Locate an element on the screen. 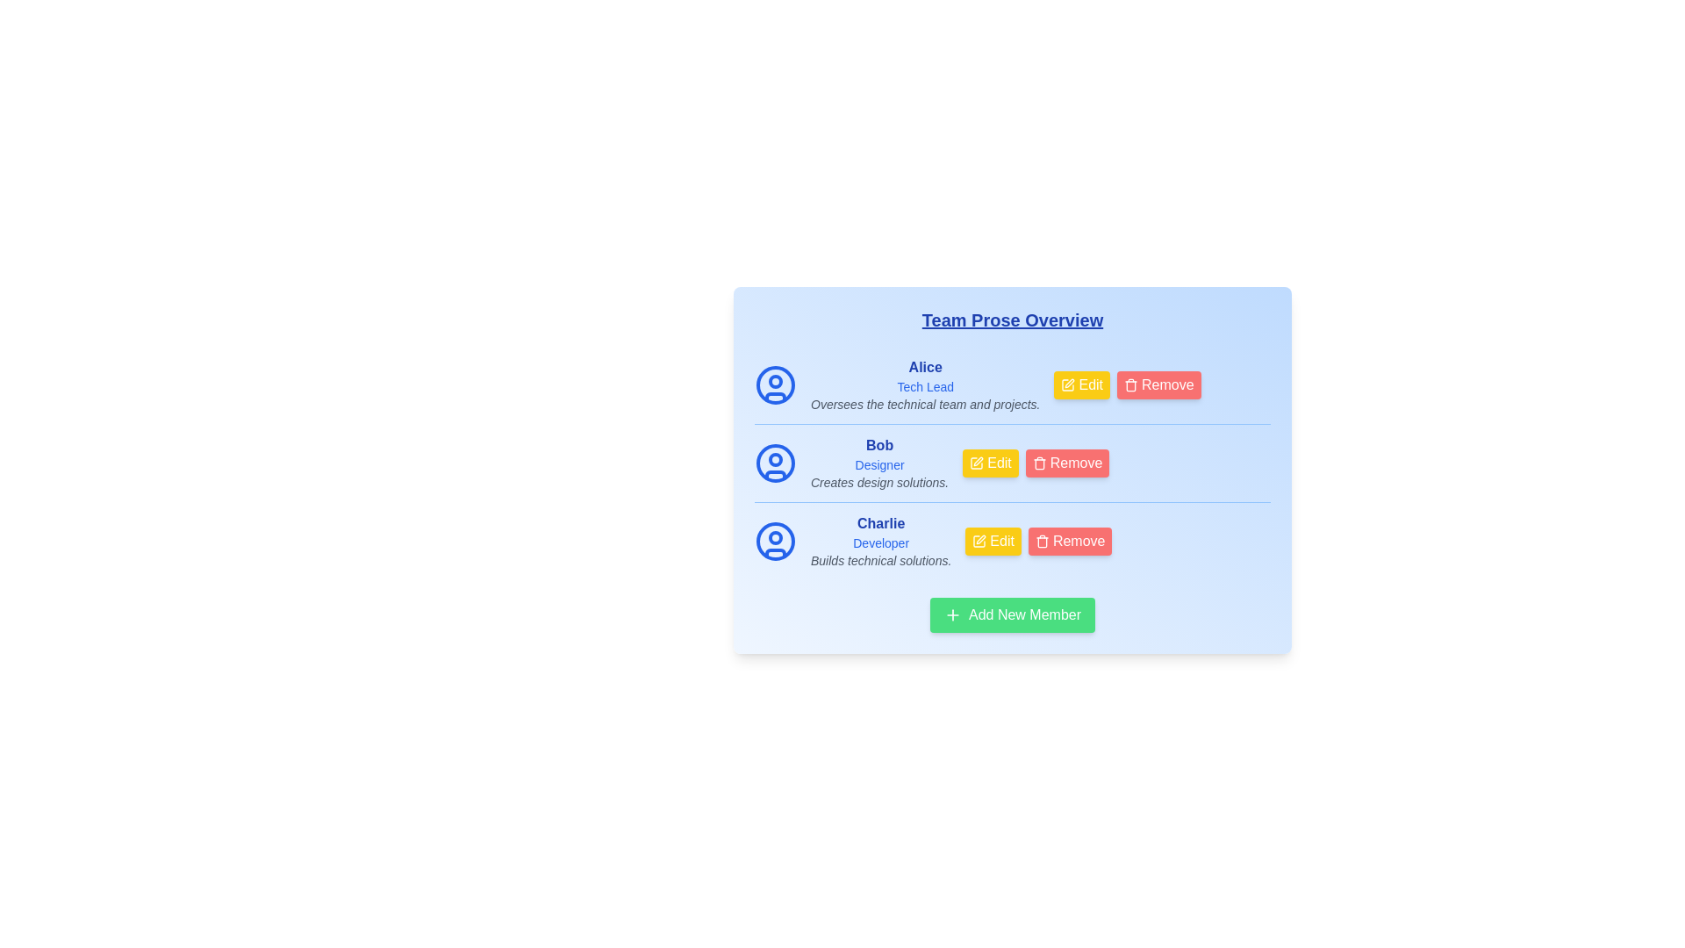  the 'Edit' button for the user 'Alice', which contains a Decorative Icon representing the edit action is located at coordinates (1067, 384).